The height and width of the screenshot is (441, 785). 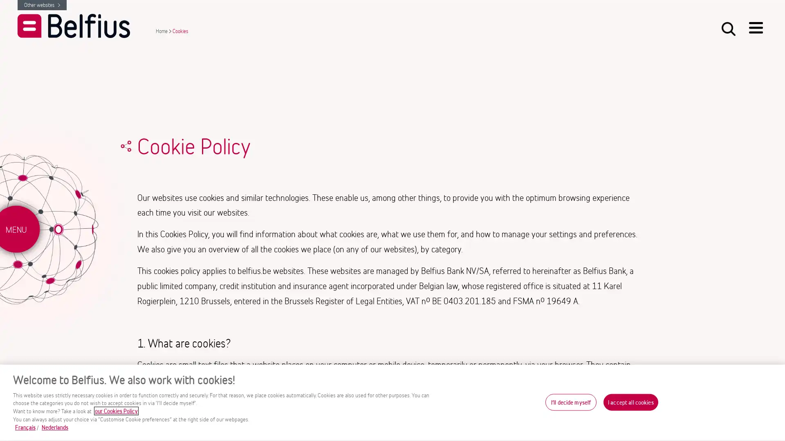 I want to click on Ill decide myself, so click(x=570, y=401).